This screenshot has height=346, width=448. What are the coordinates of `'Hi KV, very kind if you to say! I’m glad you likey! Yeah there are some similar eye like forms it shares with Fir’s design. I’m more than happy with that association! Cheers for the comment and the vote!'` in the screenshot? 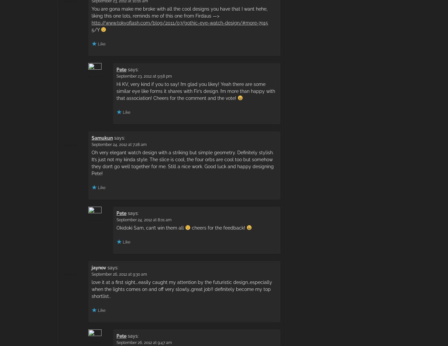 It's located at (195, 91).